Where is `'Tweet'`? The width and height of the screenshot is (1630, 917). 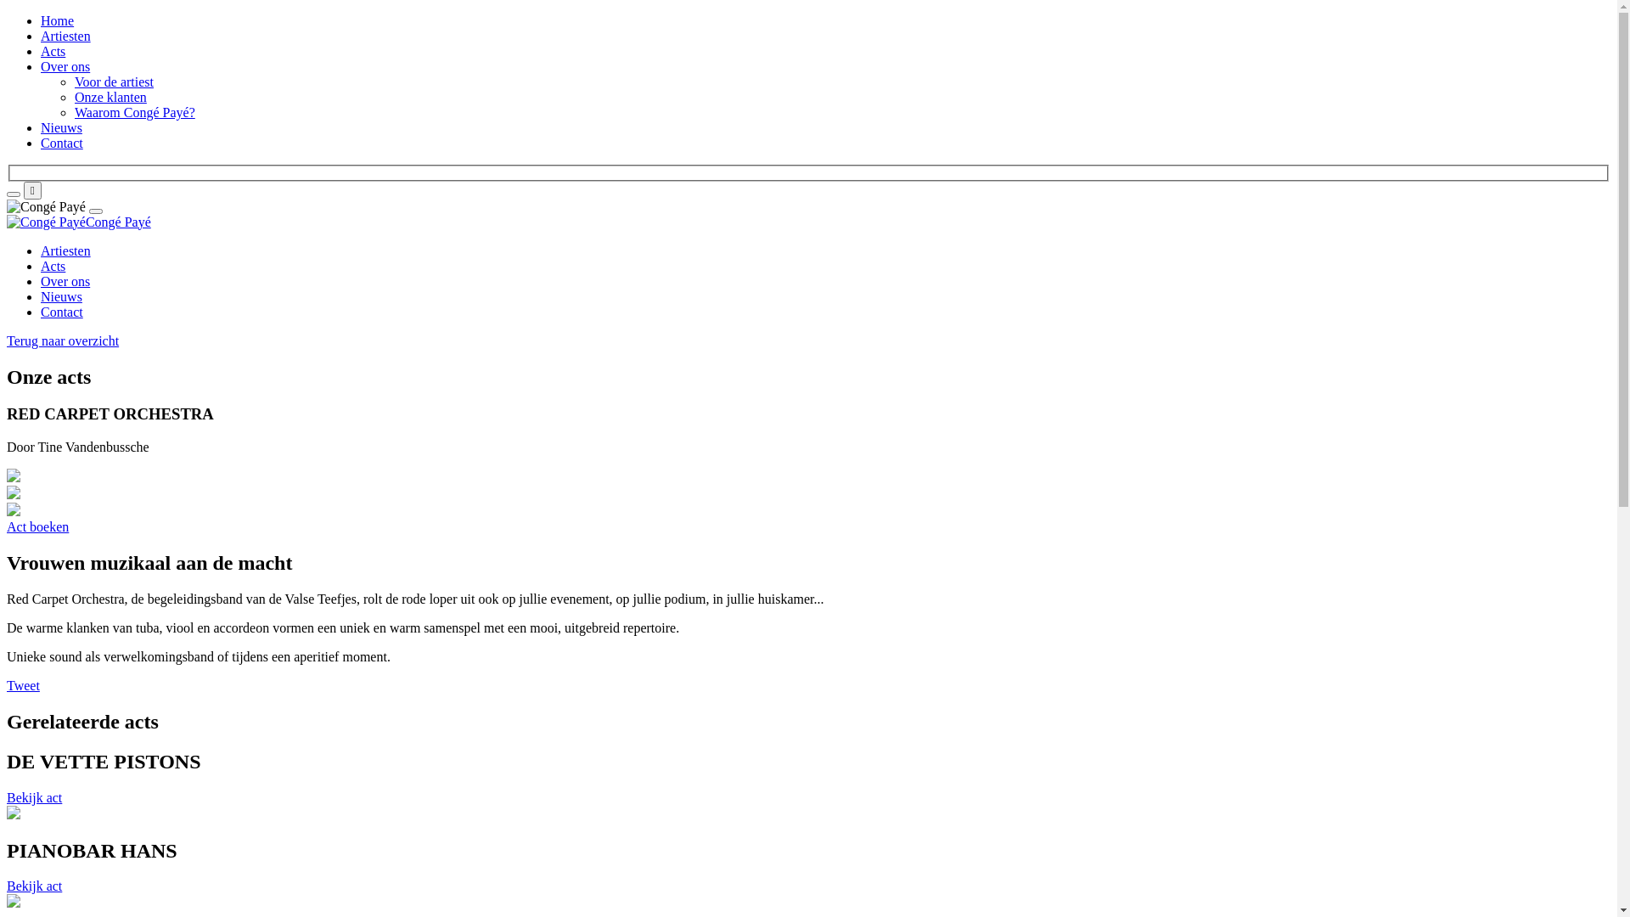
'Tweet' is located at coordinates (23, 684).